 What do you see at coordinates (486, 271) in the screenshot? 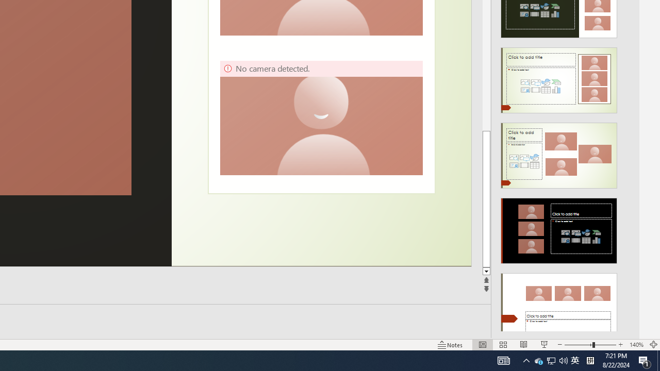
I see `'Line down'` at bounding box center [486, 271].